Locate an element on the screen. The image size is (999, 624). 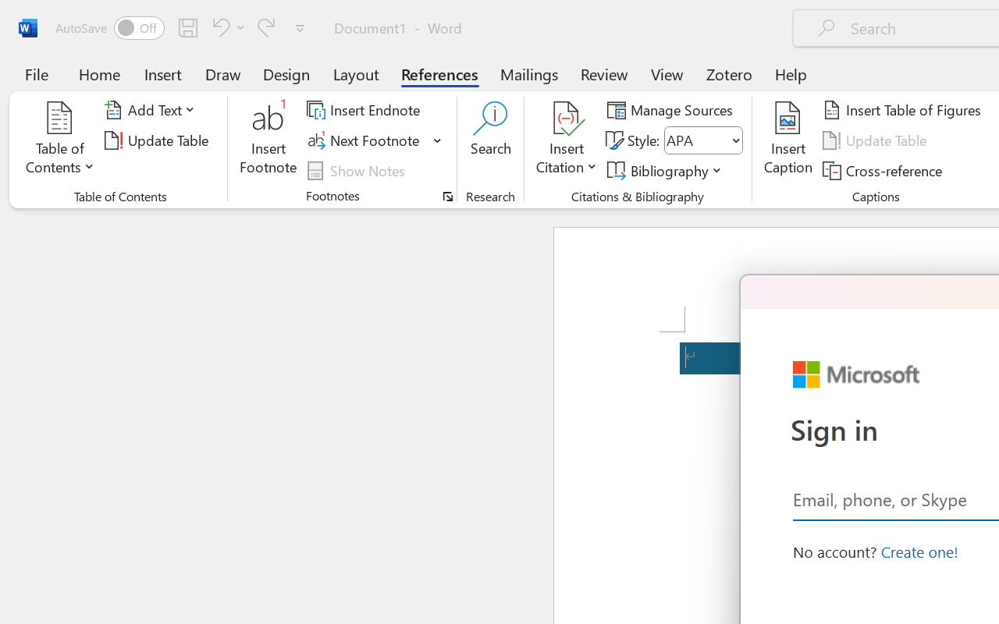
'Next Footnote' is located at coordinates (364, 140).